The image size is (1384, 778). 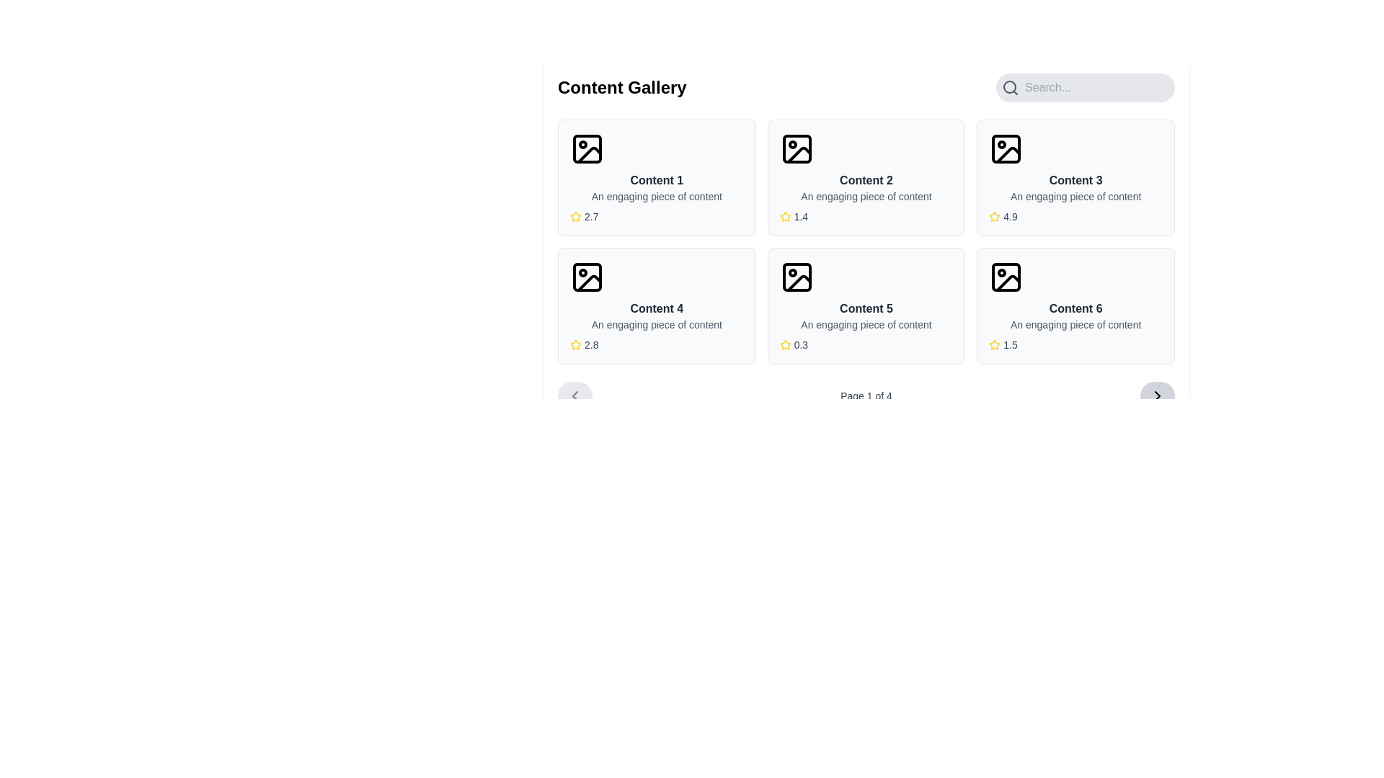 I want to click on the 'Content 4' label displayed in dark gray, bold font, which is centrally positioned within the content card in the second row and first column of the grid layout, so click(x=656, y=308).